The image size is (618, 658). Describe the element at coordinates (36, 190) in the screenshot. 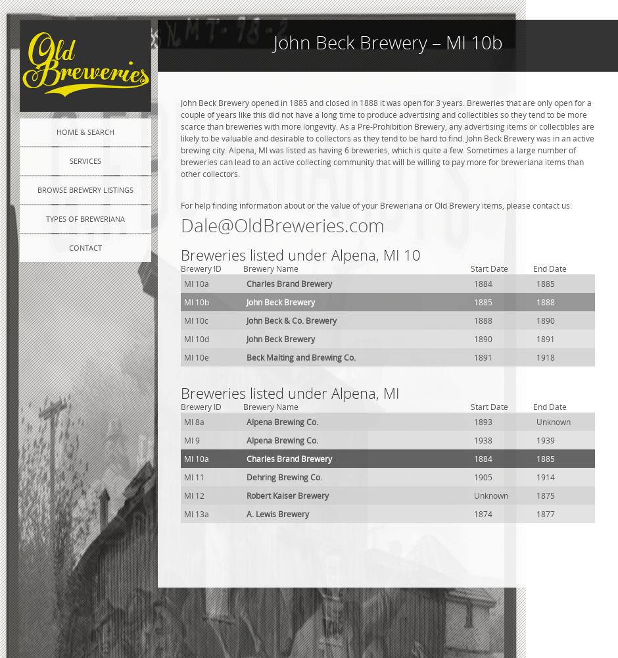

I see `'Browse Brewery Listings'` at that location.